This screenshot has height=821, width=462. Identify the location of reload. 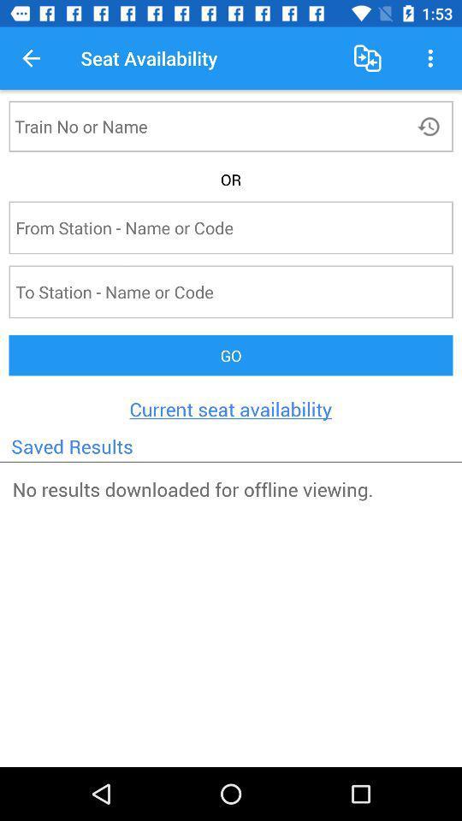
(429, 125).